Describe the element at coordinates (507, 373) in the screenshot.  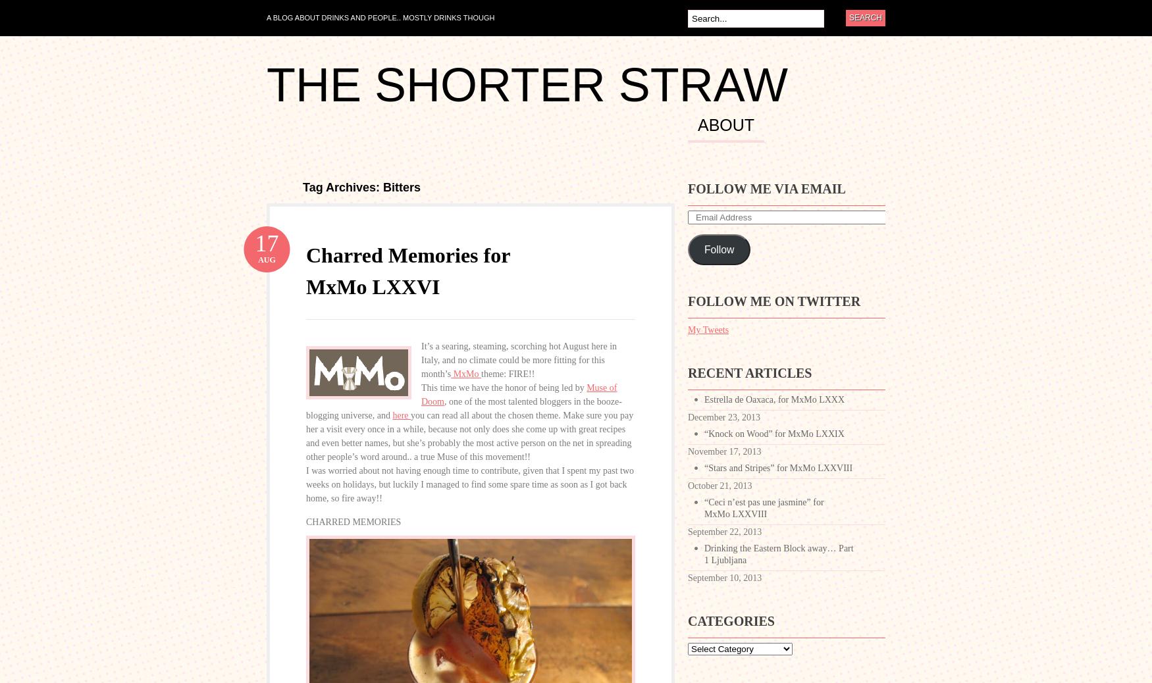
I see `'theme: FIRE!!'` at that location.